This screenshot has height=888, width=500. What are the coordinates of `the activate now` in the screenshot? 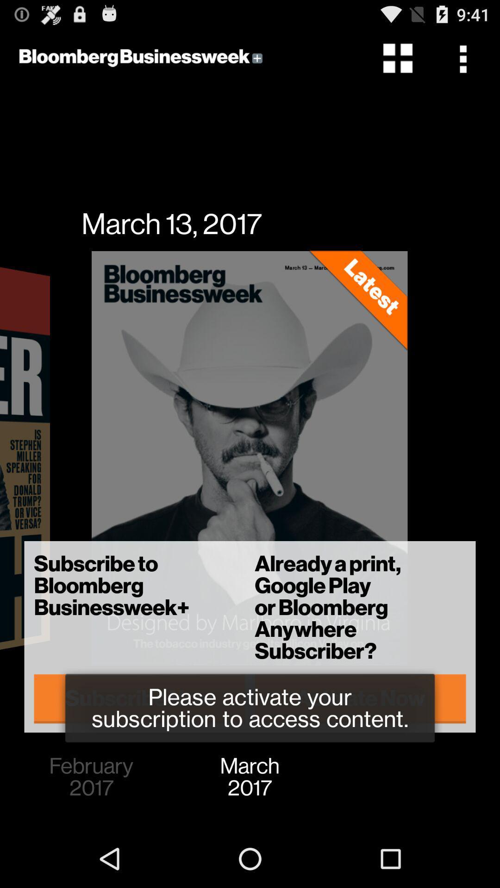 It's located at (360, 698).